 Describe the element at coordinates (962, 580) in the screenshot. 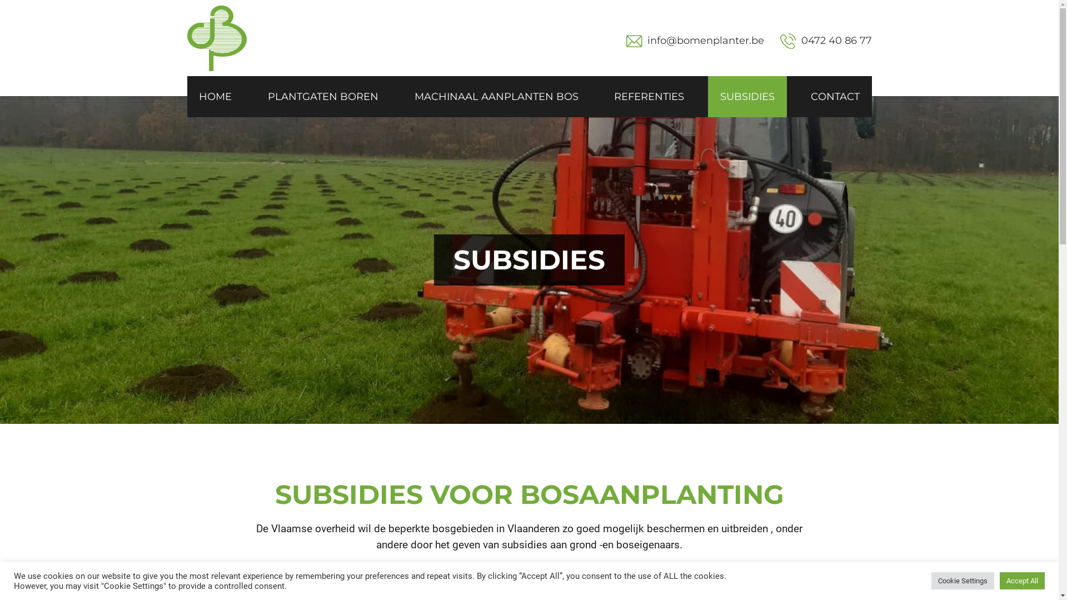

I see `'Cookie Settings'` at that location.